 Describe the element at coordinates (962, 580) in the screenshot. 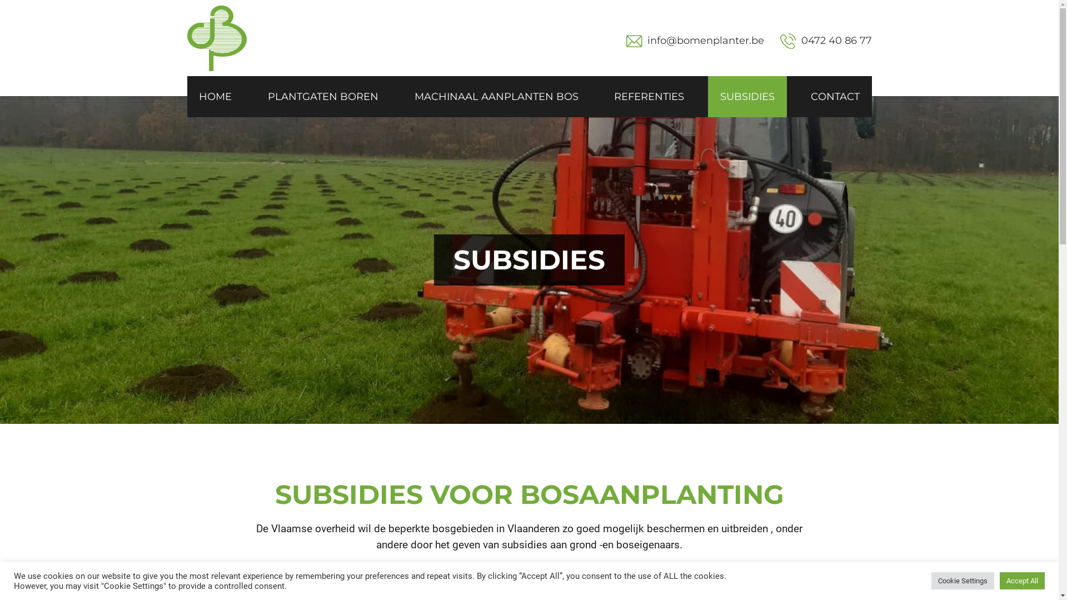

I see `'Cookie Settings'` at that location.